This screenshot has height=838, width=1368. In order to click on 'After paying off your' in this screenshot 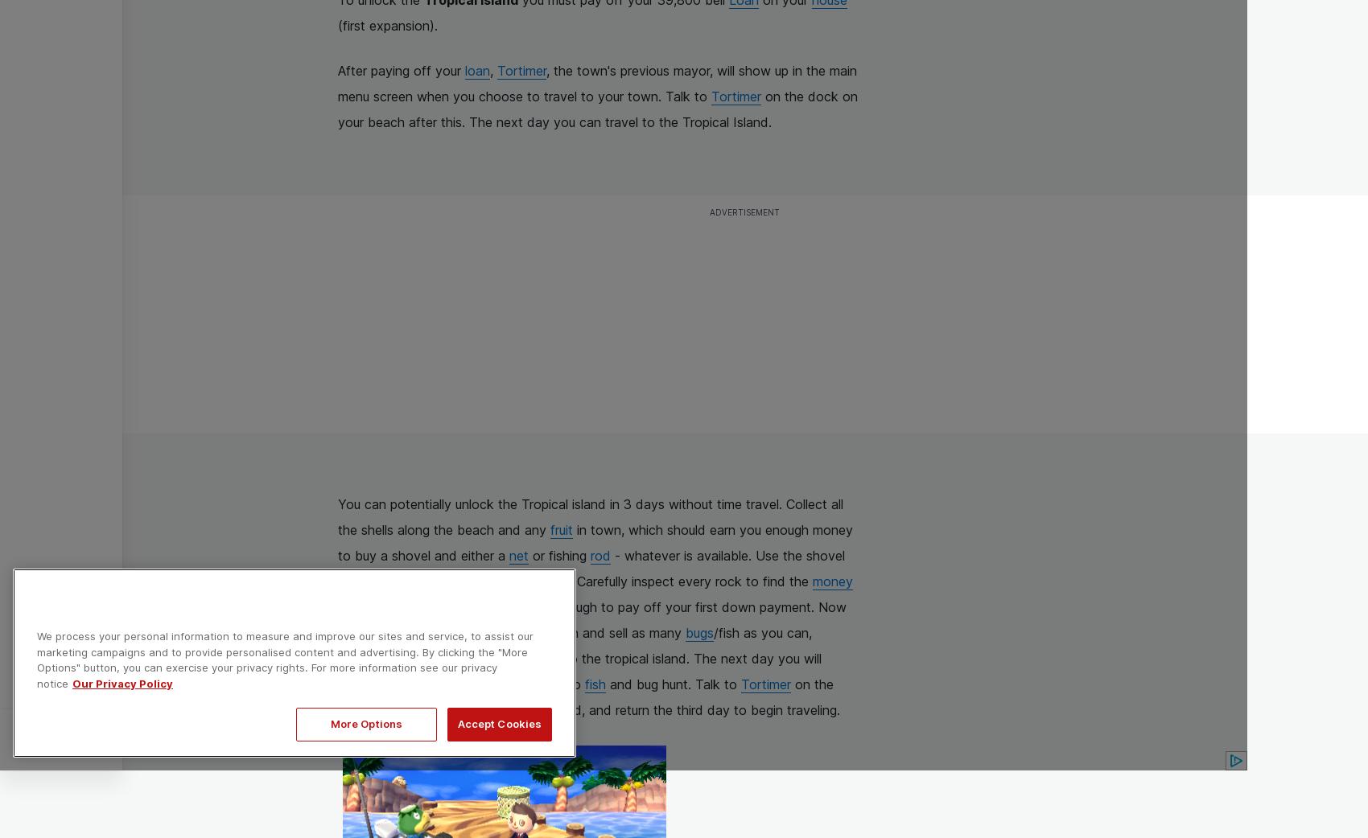, I will do `click(337, 71)`.